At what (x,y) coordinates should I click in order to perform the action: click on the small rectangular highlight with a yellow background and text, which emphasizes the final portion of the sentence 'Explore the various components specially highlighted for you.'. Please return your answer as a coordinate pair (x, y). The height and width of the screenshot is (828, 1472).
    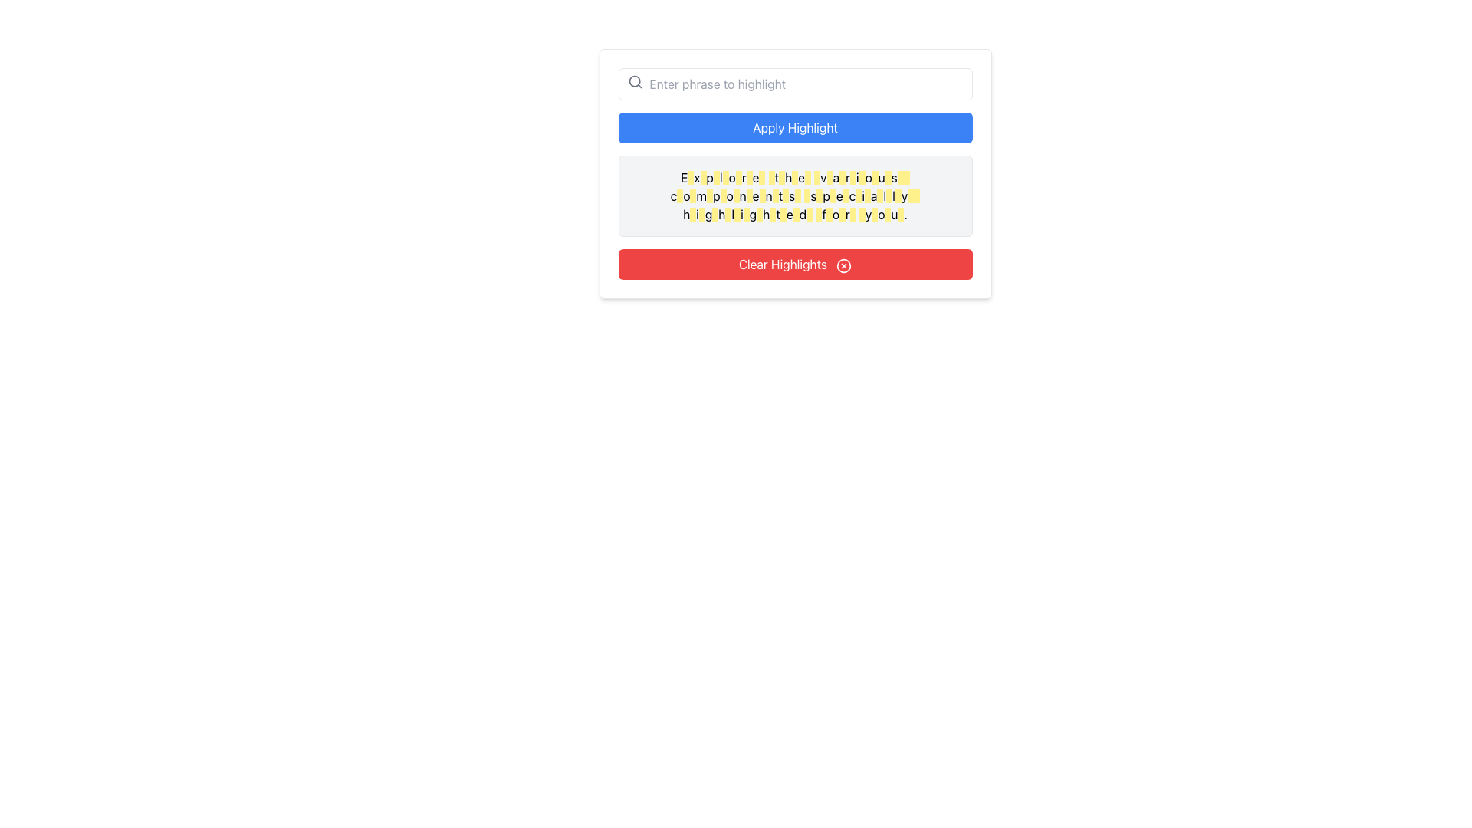
    Looking at the image, I should click on (917, 195).